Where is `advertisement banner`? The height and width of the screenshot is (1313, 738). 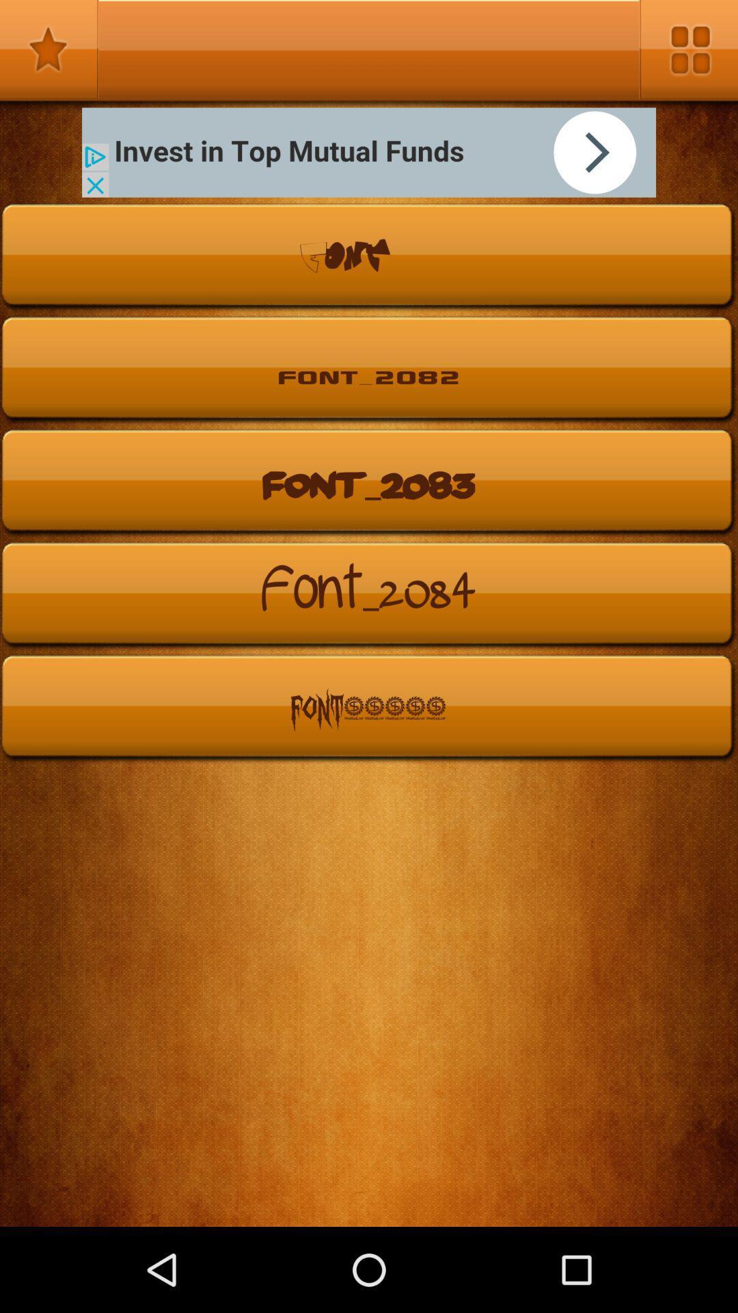
advertisement banner is located at coordinates (369, 152).